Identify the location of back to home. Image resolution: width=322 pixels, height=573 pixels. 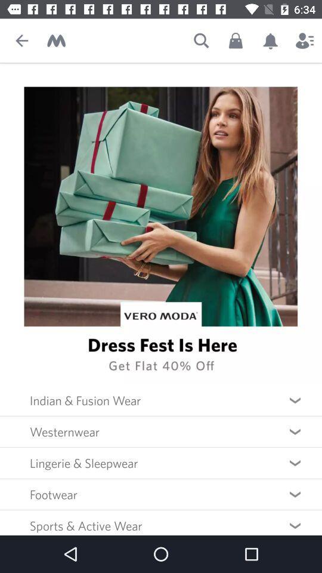
(55, 41).